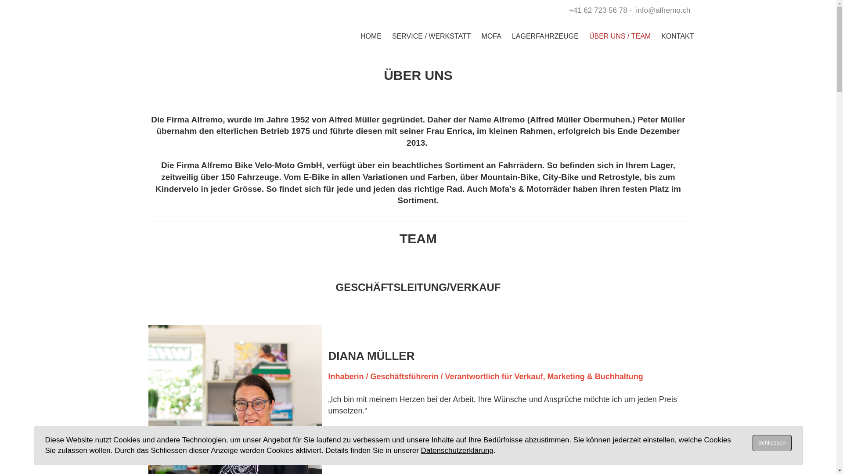  I want to click on '+41 62 723 56 78', so click(598, 10).